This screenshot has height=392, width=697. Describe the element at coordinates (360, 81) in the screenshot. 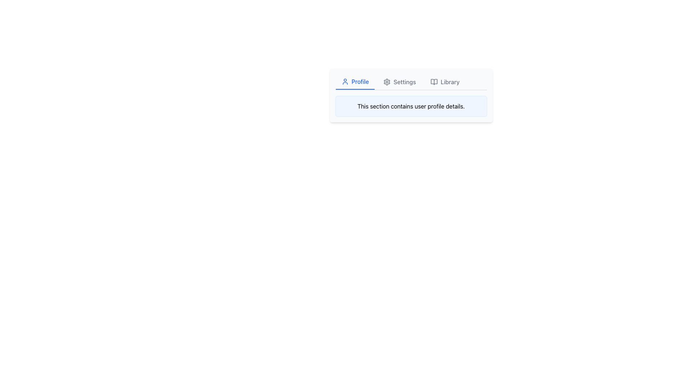

I see `the 'Profile' text element, which is styled in blue and located in the first tab of the navigation bar` at that location.